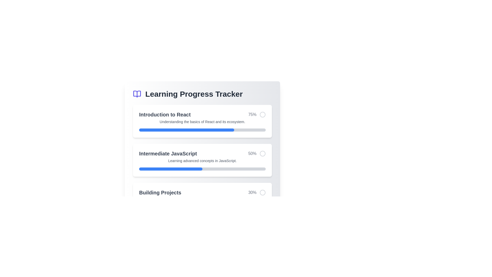 The height and width of the screenshot is (277, 492). Describe the element at coordinates (263, 114) in the screenshot. I see `the Circle icon, which is a non-interactive visual indicator located to the right of the 'Introduction to React' progress tracker and aligns with the percentage value '75%.'` at that location.